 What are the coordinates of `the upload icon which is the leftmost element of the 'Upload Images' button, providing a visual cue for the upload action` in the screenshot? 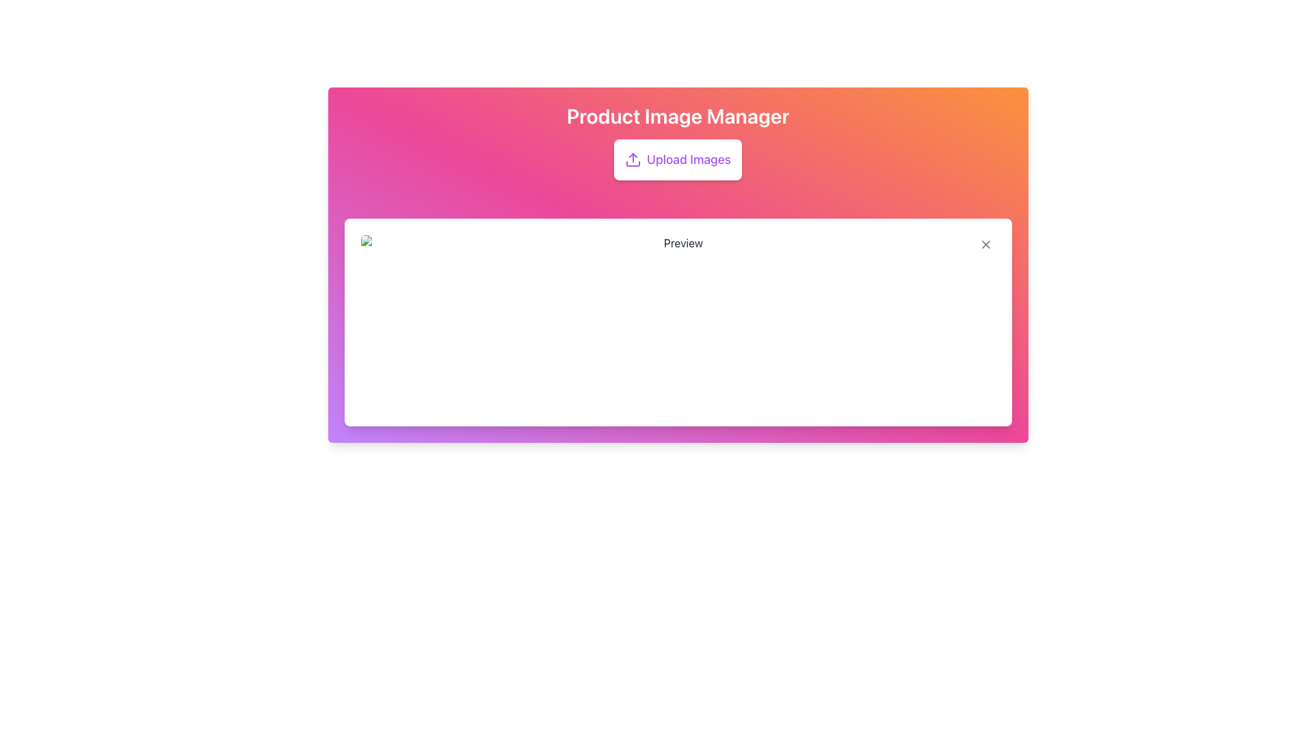 It's located at (633, 159).